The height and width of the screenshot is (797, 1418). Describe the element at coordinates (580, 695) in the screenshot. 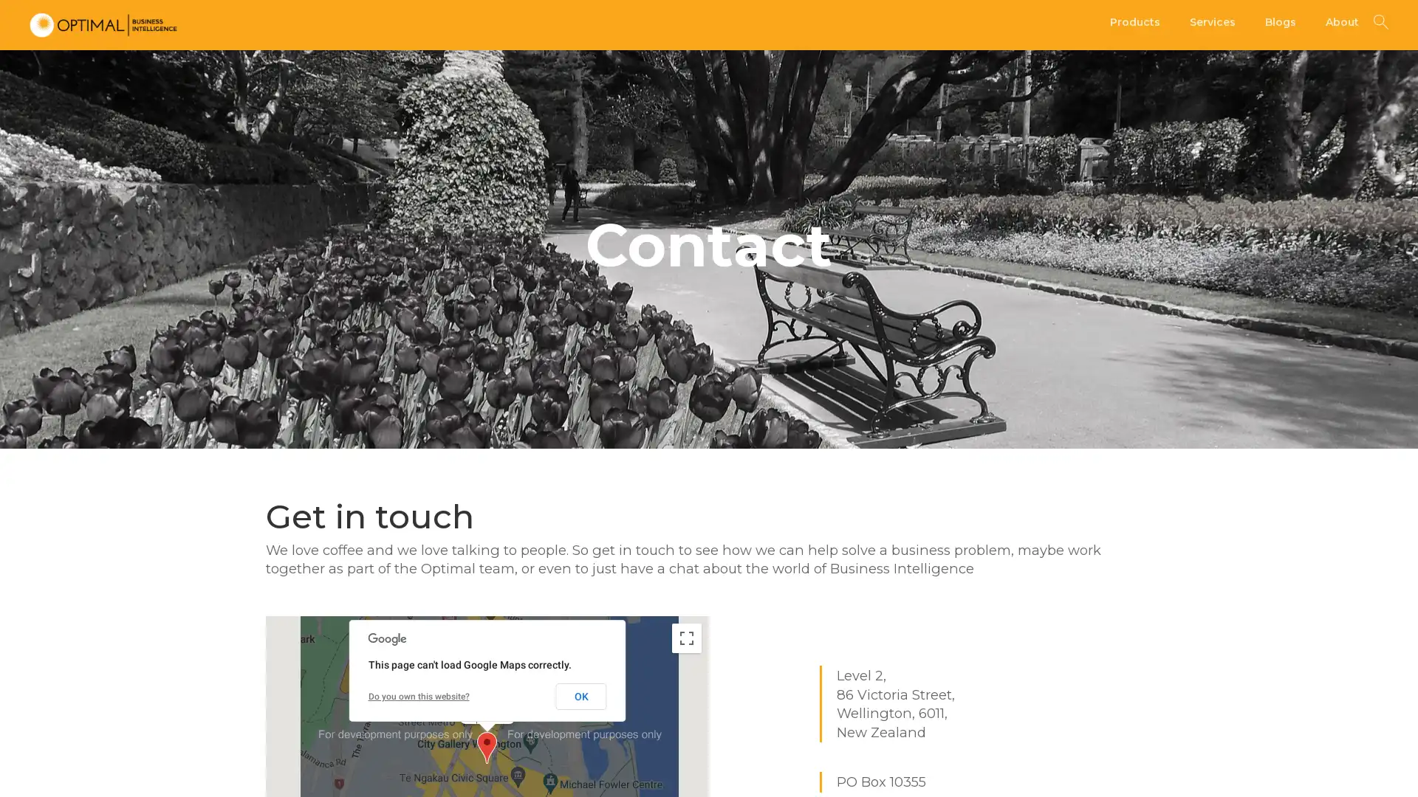

I see `OK` at that location.